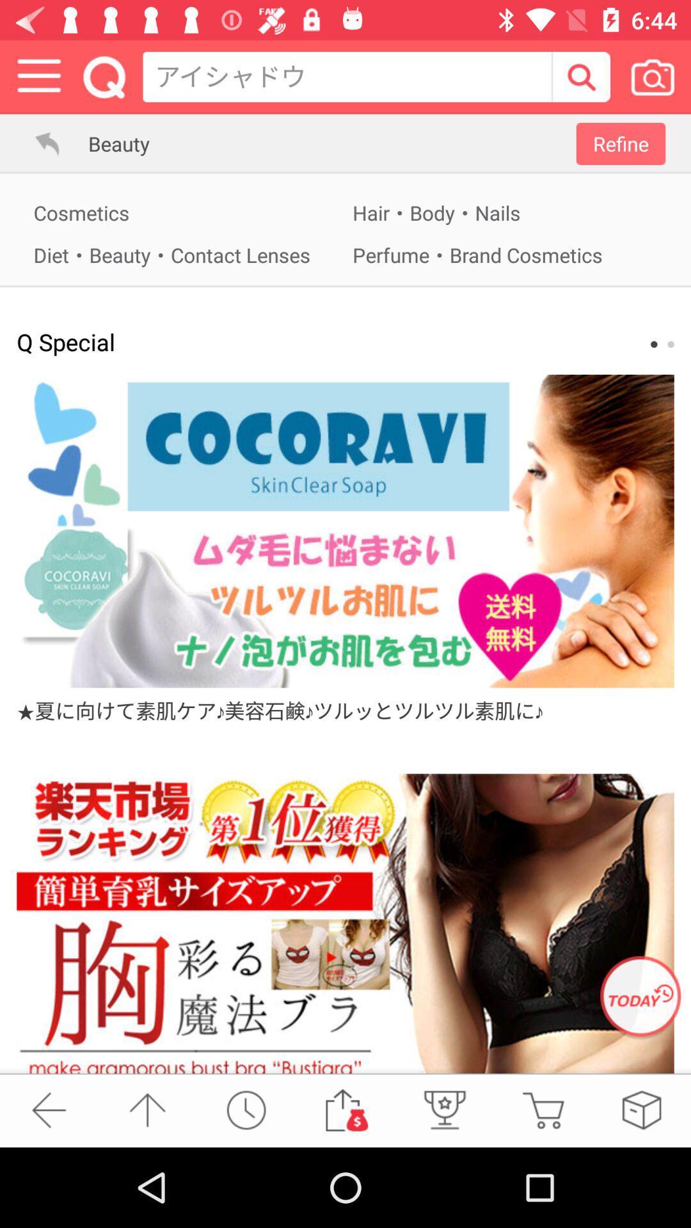 The image size is (691, 1228). Describe the element at coordinates (48, 1109) in the screenshot. I see `the arrow_backward icon` at that location.